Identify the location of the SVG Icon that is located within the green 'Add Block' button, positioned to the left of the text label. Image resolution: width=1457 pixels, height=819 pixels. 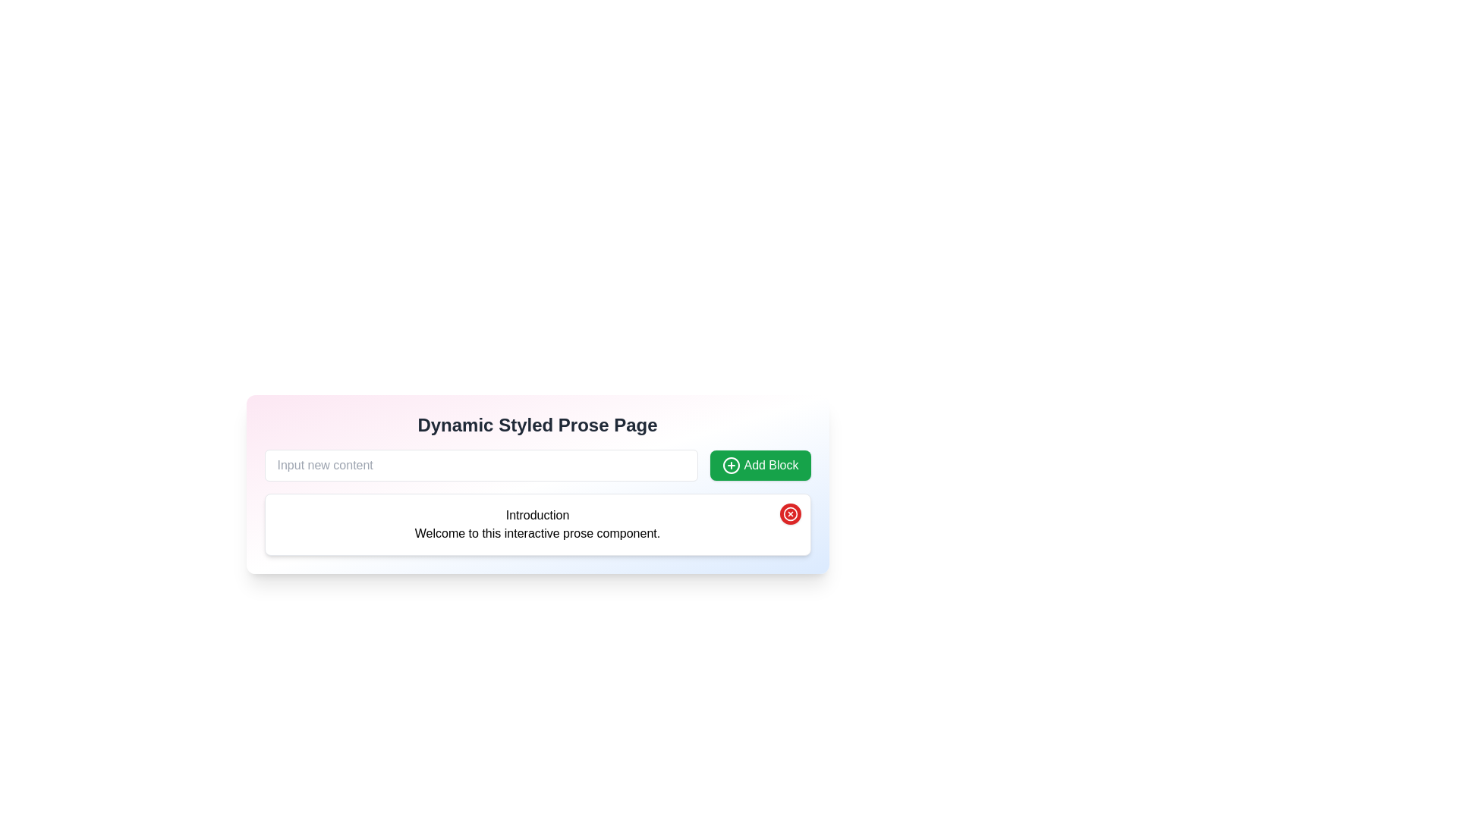
(732, 464).